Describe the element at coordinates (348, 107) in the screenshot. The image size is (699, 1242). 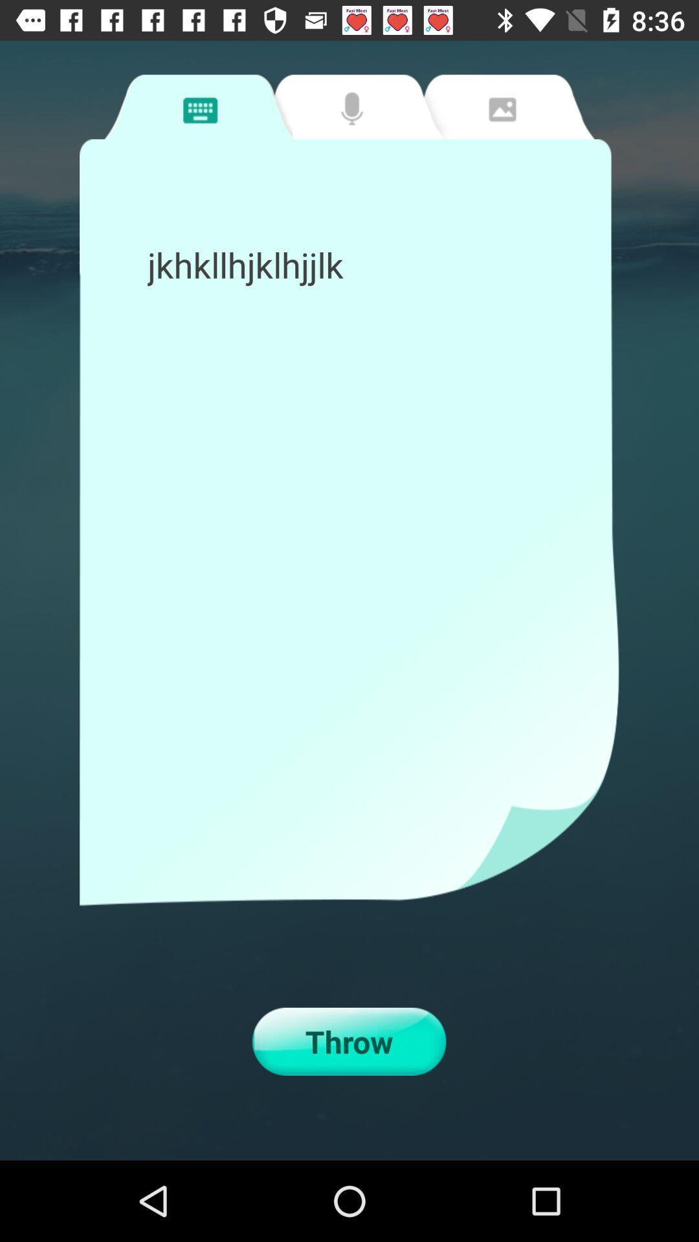
I see `recording tab` at that location.